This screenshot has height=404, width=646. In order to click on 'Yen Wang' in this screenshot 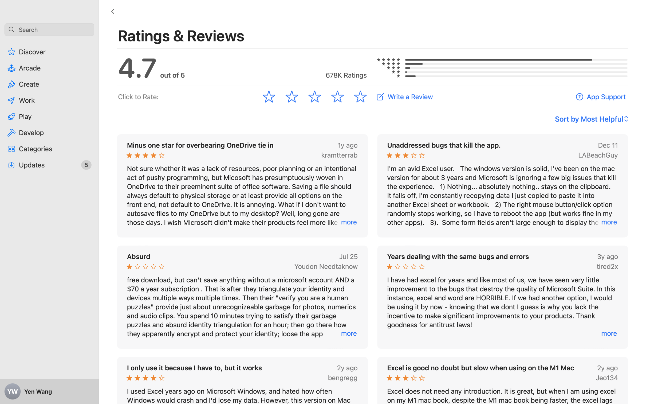, I will do `click(49, 391)`.